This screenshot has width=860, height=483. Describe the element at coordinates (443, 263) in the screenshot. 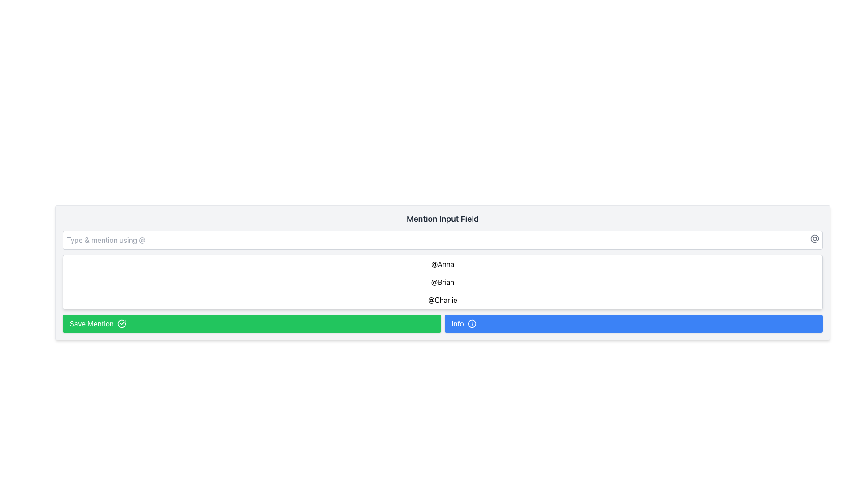

I see `to select the text option '@Anna' from the dropdown list, which is the first item among three options, styled with a hover effect` at that location.